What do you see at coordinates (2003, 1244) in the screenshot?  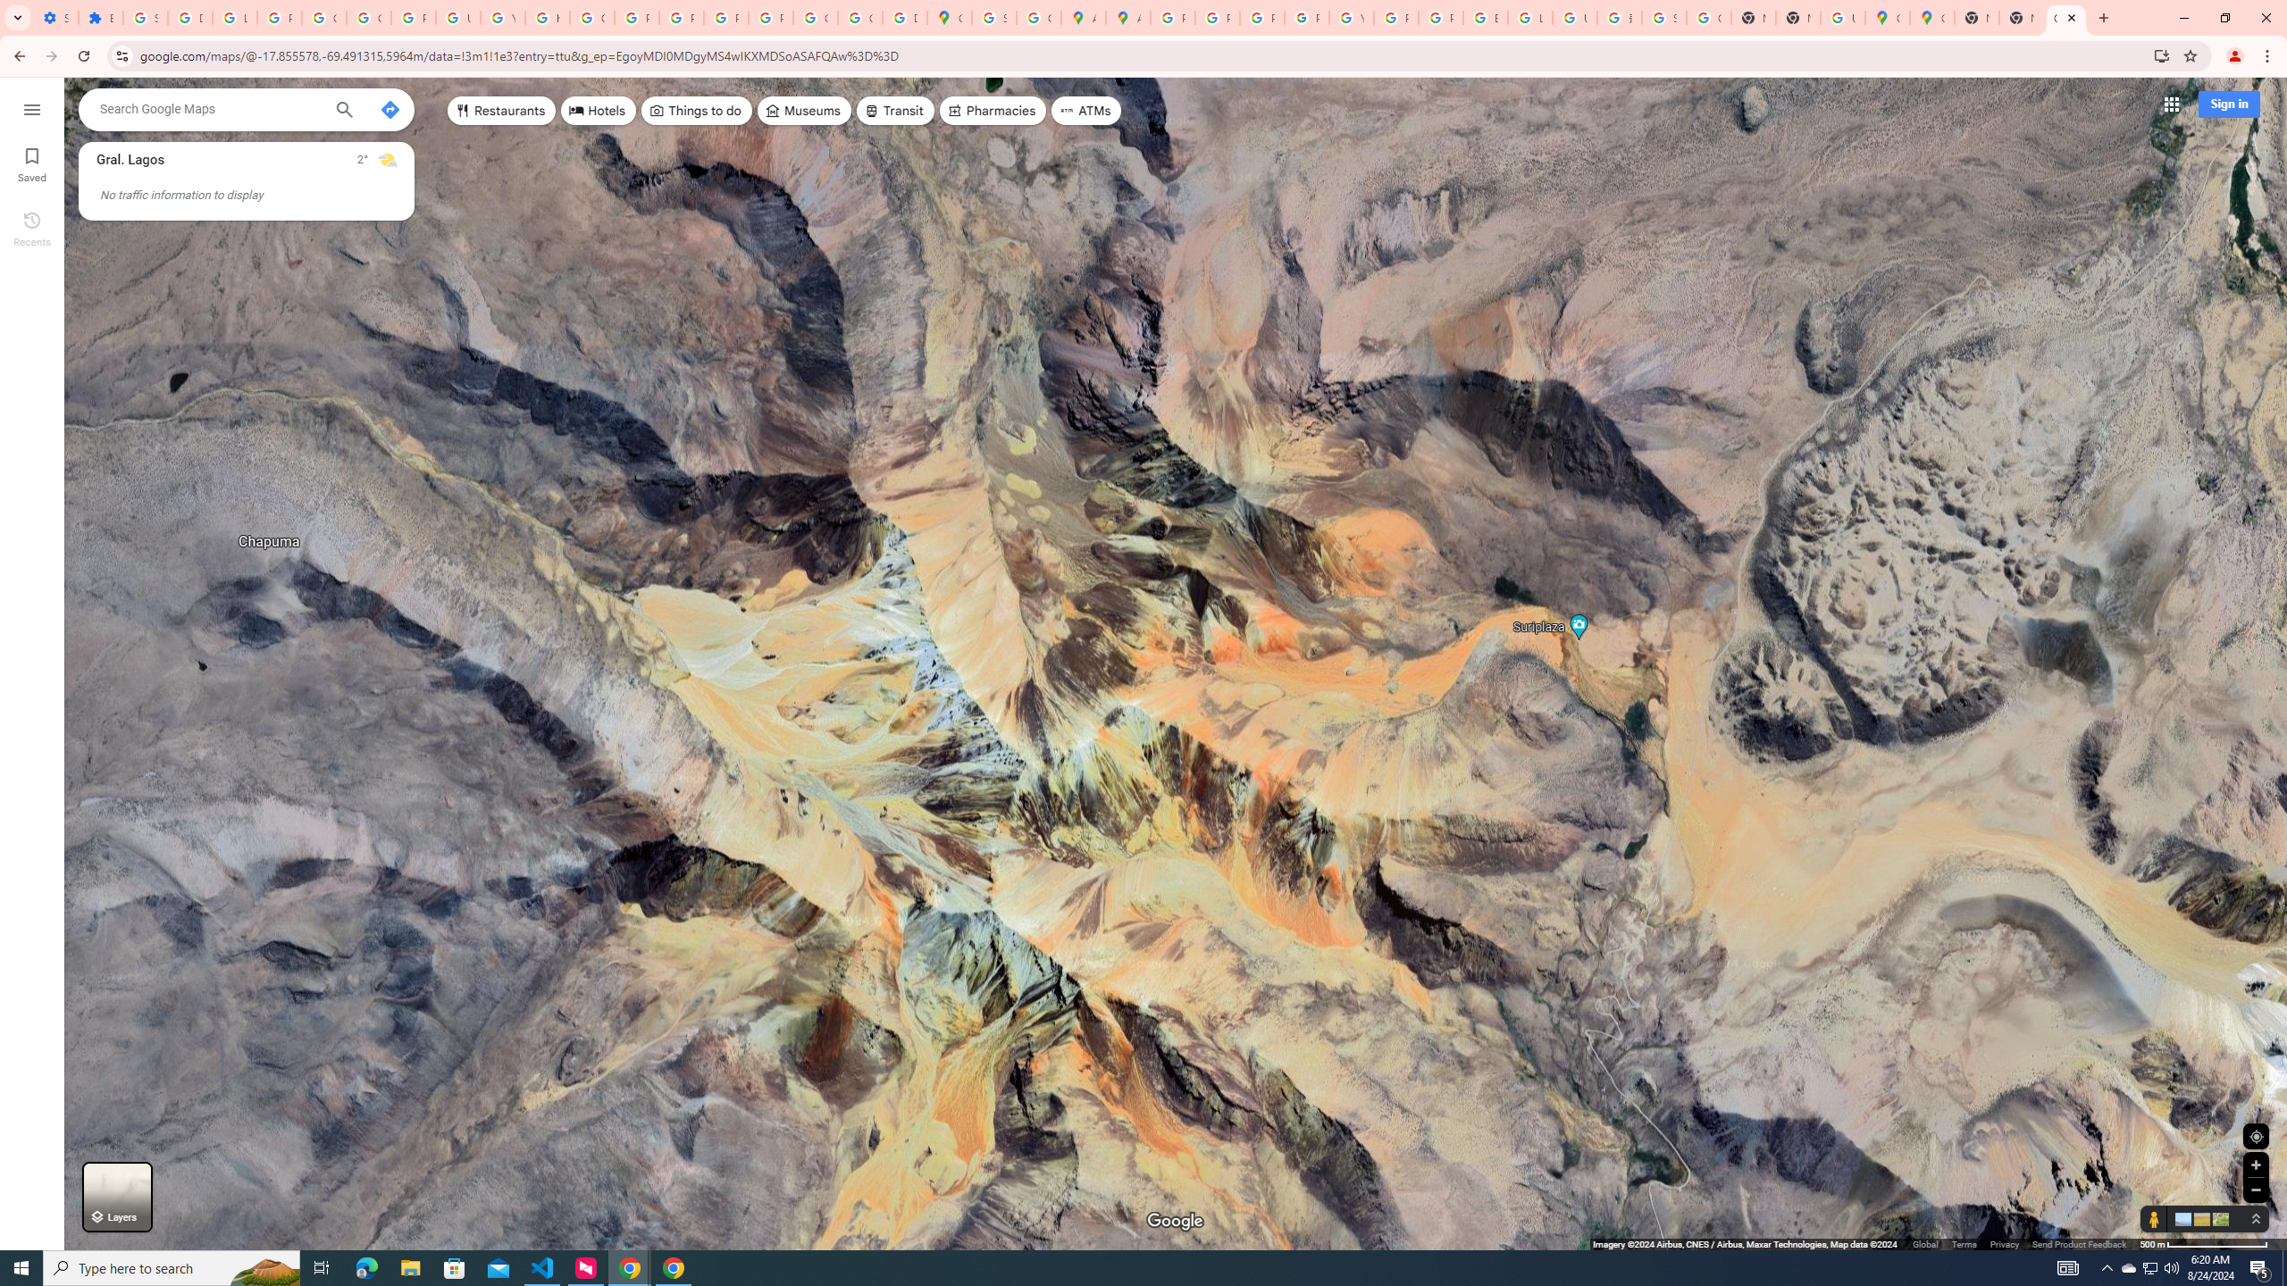 I see `'Privacy'` at bounding box center [2003, 1244].